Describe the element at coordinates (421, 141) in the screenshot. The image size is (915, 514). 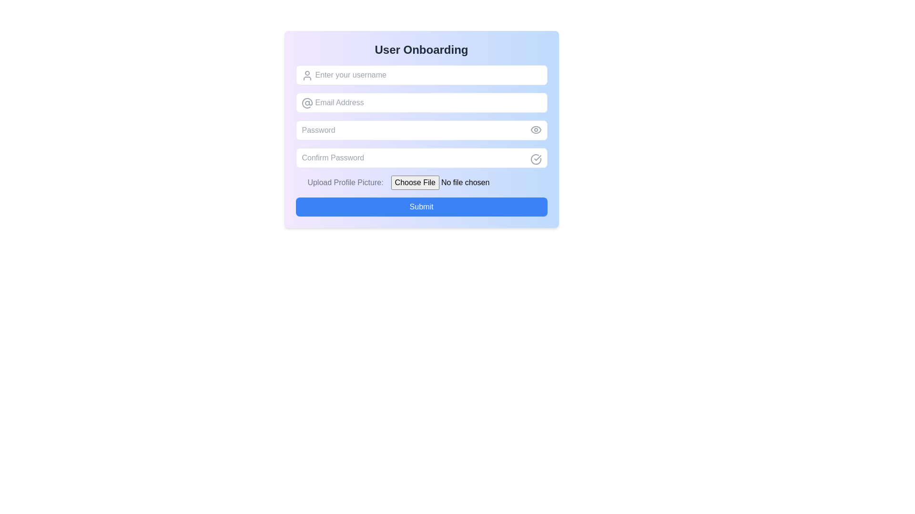
I see `the composite form containing input fields and a submit button under the 'User Onboarding' heading` at that location.